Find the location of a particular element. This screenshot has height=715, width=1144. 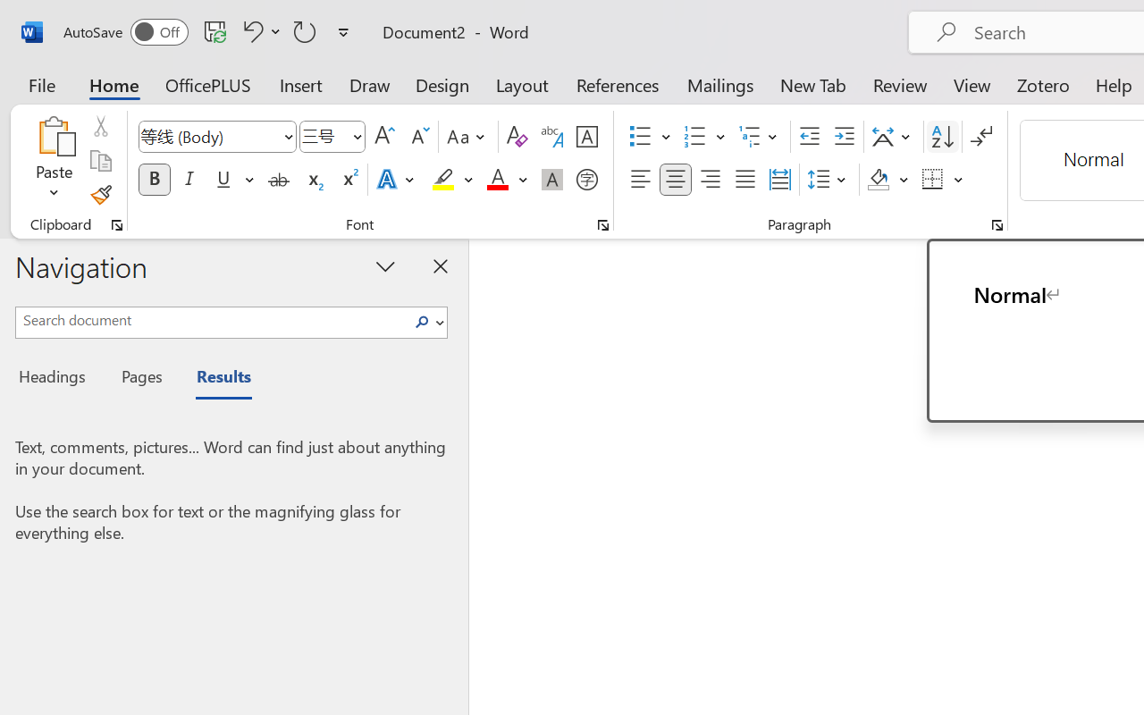

'OfficePLUS' is located at coordinates (208, 84).